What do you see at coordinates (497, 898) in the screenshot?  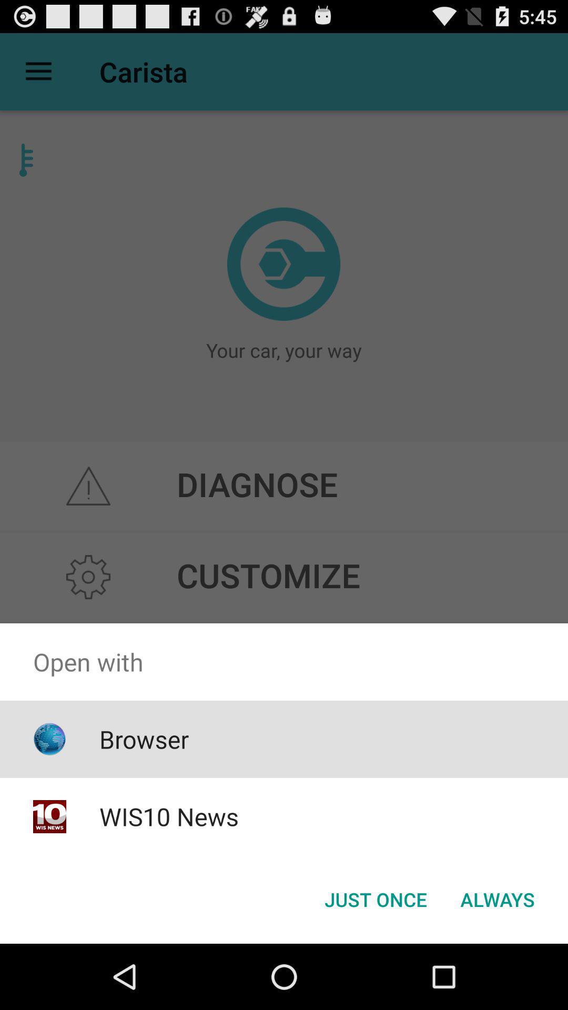 I see `the always icon` at bounding box center [497, 898].